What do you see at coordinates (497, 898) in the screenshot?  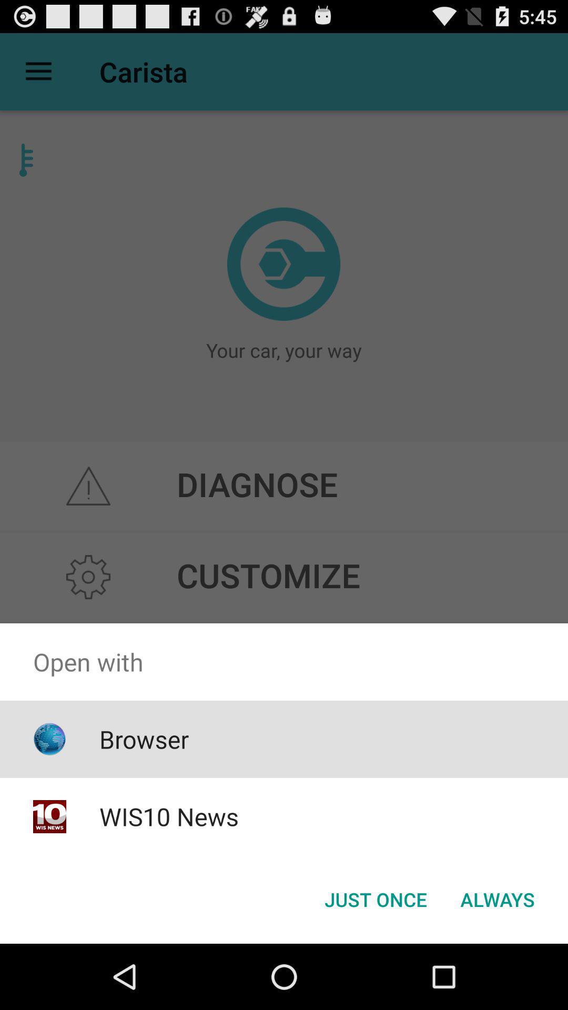 I see `the always icon` at bounding box center [497, 898].